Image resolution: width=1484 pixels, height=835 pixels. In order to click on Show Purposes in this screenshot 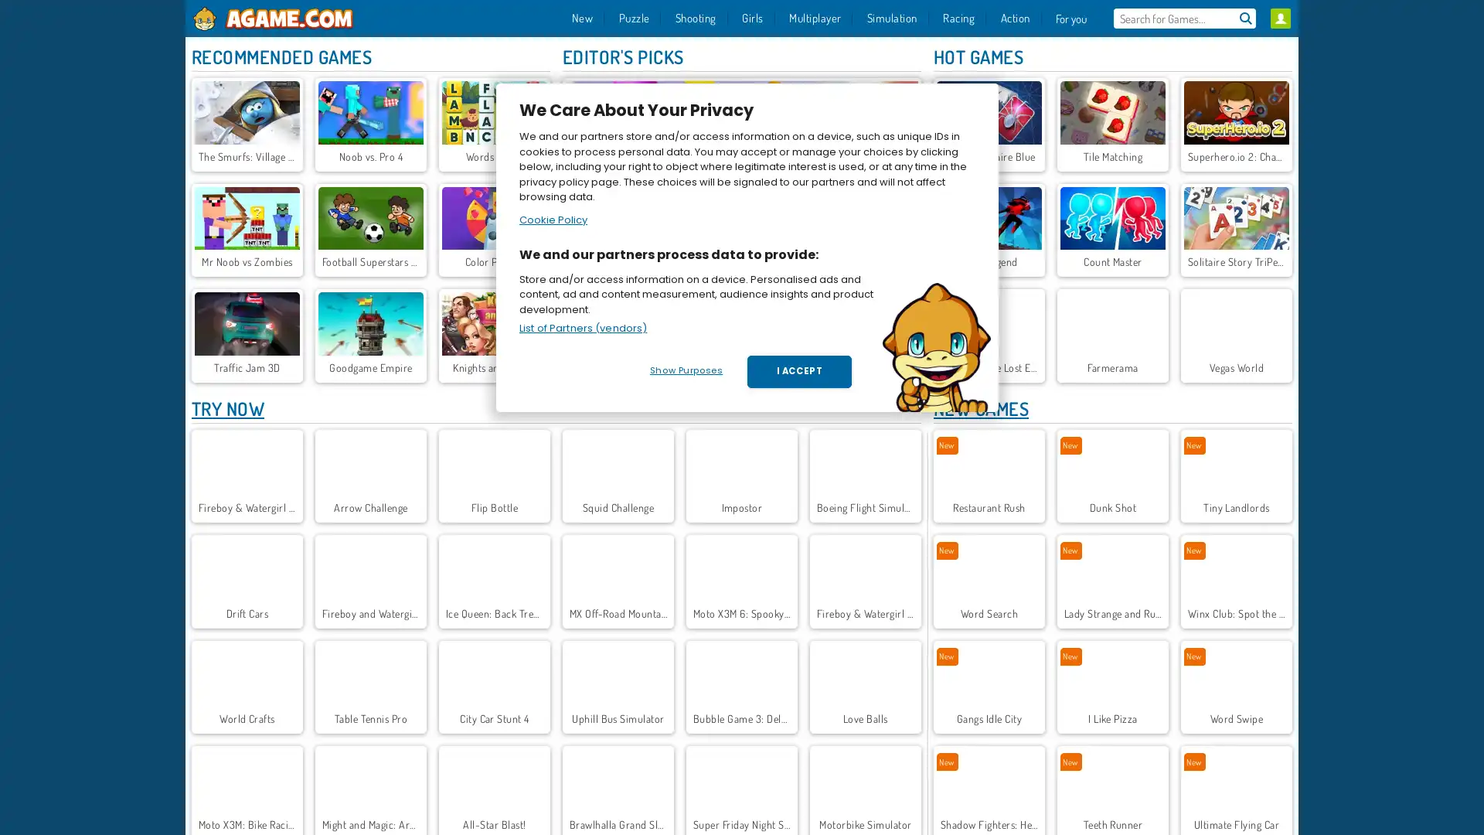, I will do `click(685, 370)`.